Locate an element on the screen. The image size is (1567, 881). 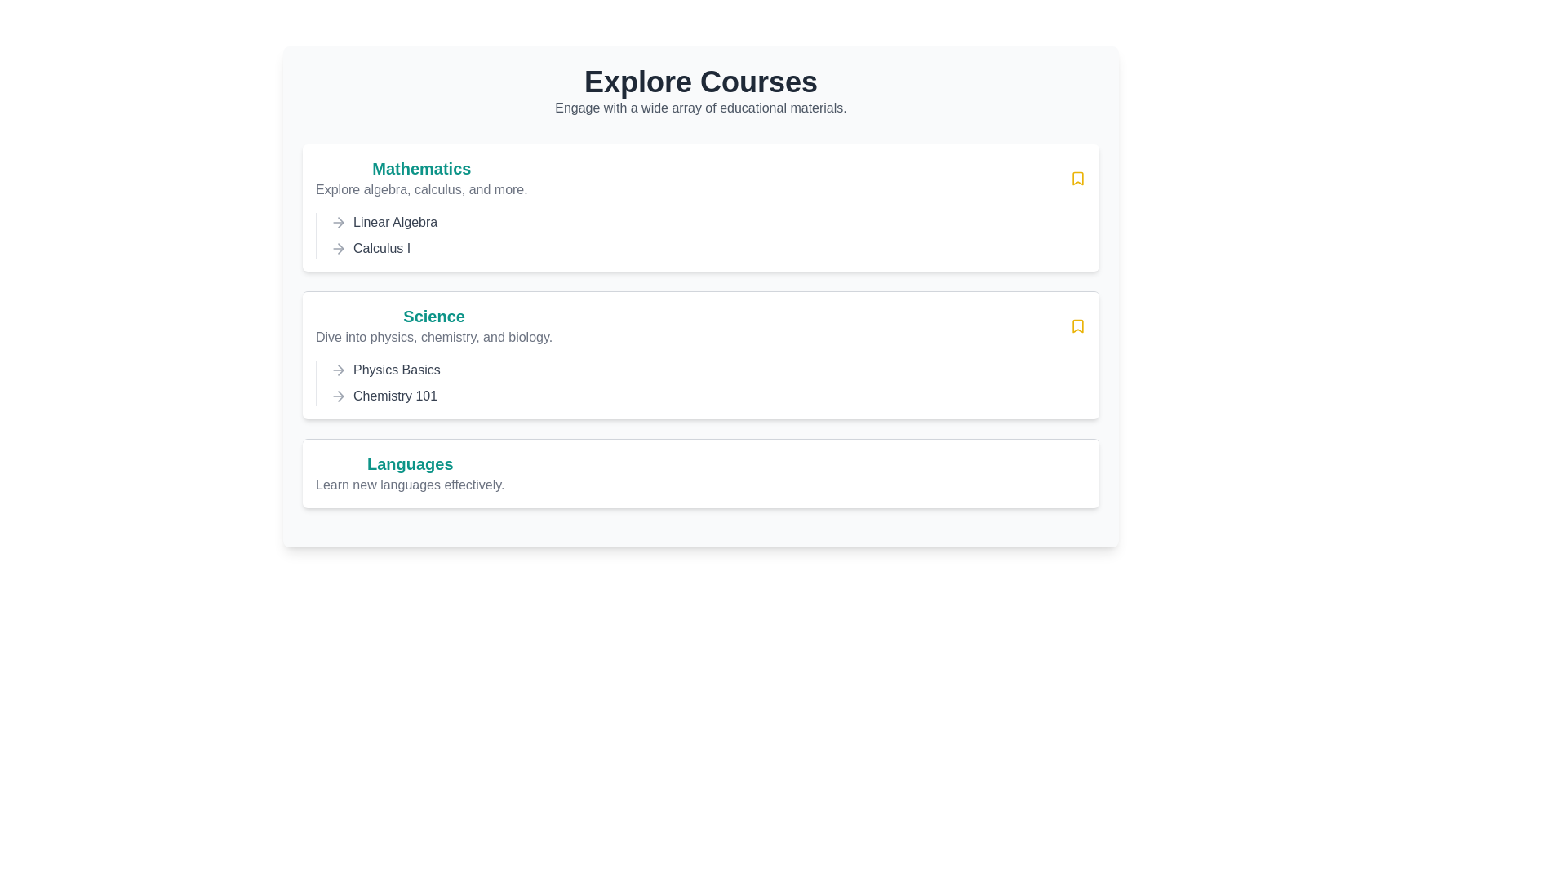
the static text element that reads 'Learn new languages effectively.' which is styled in gray and positioned below the section title 'Languages.' is located at coordinates (410, 484).